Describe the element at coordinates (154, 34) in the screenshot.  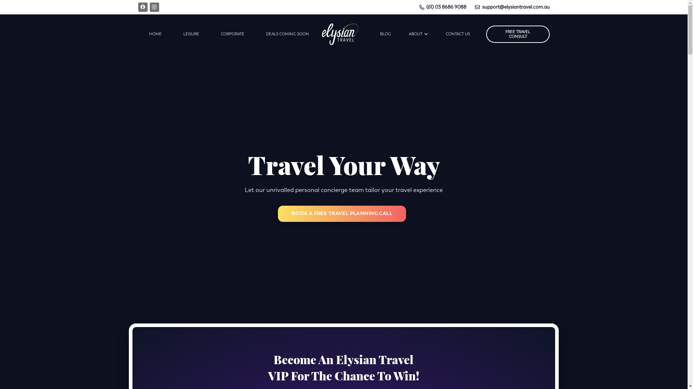
I see `'HOME'` at that location.